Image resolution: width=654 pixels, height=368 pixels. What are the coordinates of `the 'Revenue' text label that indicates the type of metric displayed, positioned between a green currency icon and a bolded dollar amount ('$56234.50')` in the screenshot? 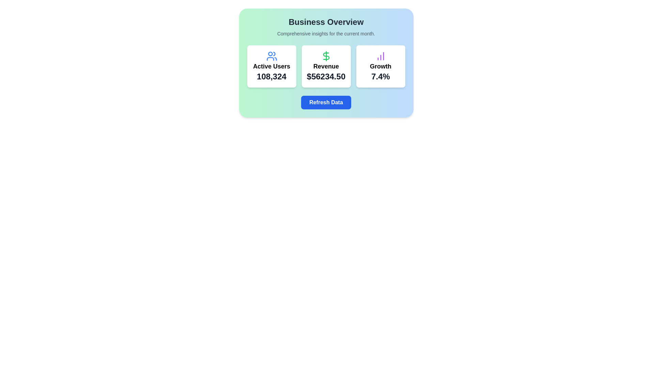 It's located at (326, 66).